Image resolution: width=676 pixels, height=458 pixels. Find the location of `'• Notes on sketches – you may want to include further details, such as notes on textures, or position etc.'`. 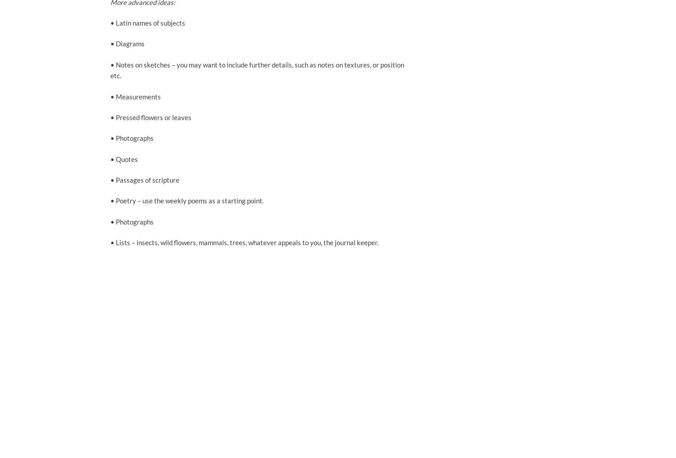

'• Notes on sketches – you may want to include further details, such as notes on textures, or position etc.' is located at coordinates (257, 70).